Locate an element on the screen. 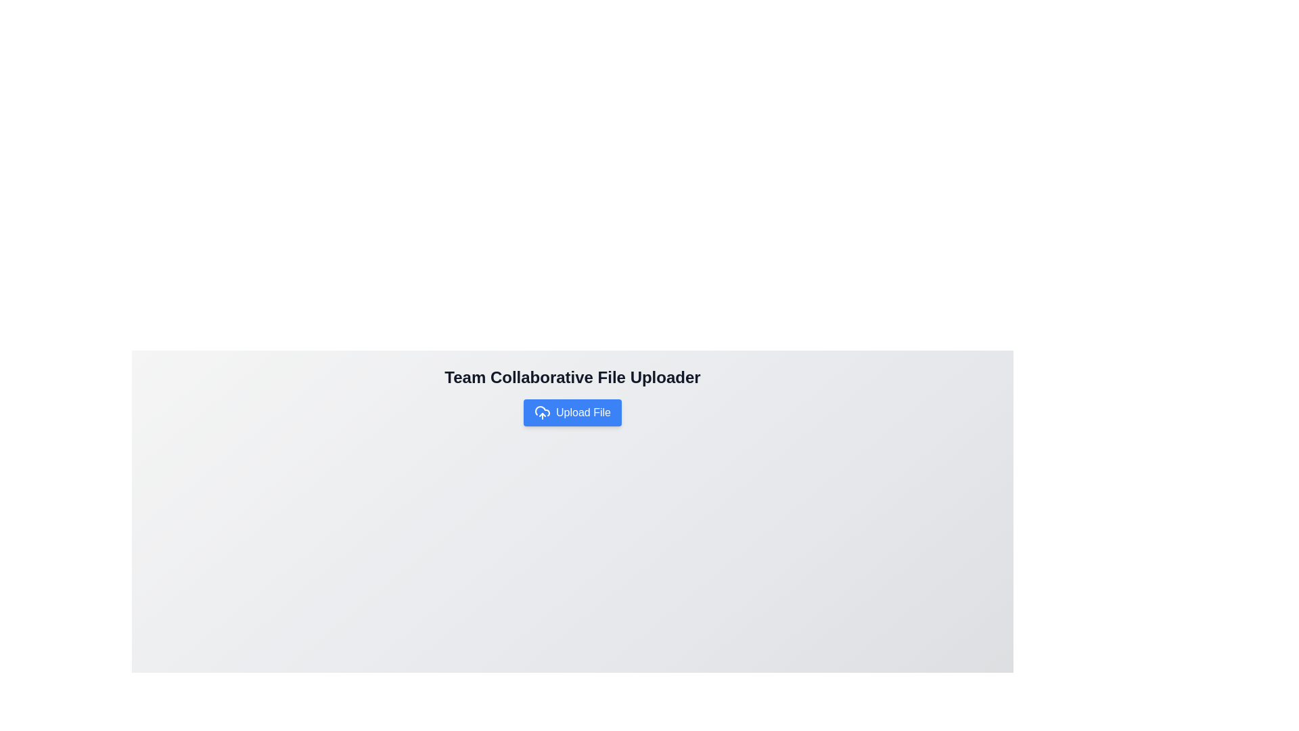 The height and width of the screenshot is (731, 1299). the text-based header component reading 'Team Collaborative File Uploader', which is prominently styled in bold, large dark gray font against a light gradient background, positioned at the top of the interactive area is located at coordinates (572, 378).